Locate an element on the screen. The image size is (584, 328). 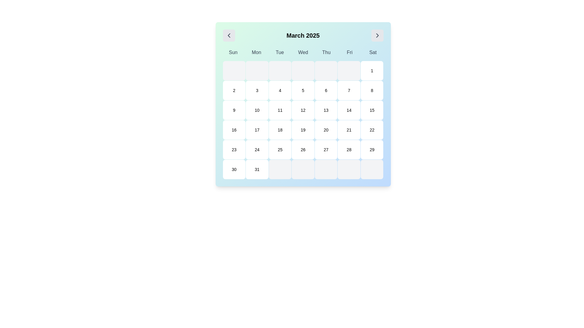
the Calendar date button representing the date '26' in the March 2025 calendar is located at coordinates (303, 150).